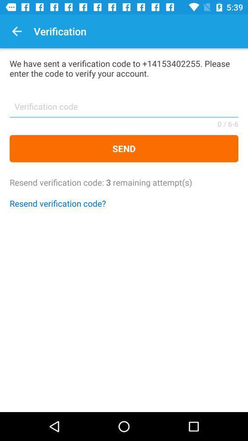 The width and height of the screenshot is (248, 441). I want to click on the item below we have sent icon, so click(124, 109).